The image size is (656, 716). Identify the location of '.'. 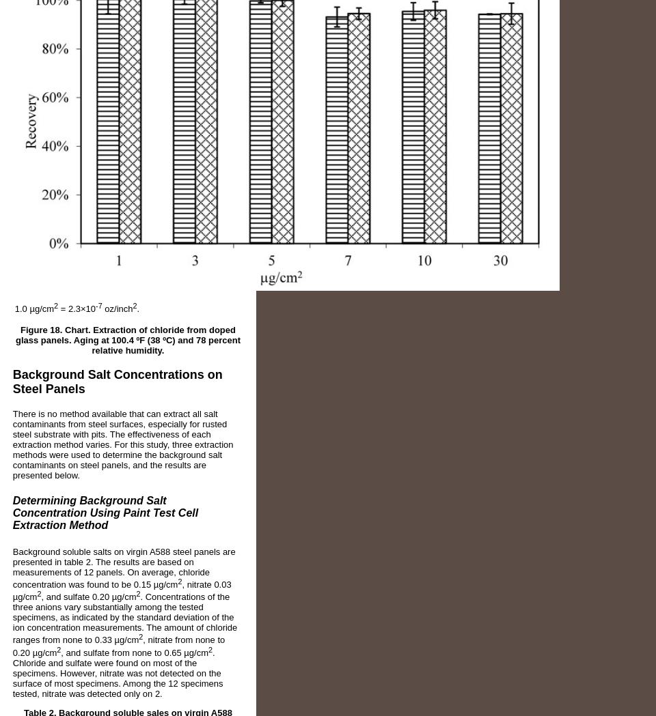
(137, 309).